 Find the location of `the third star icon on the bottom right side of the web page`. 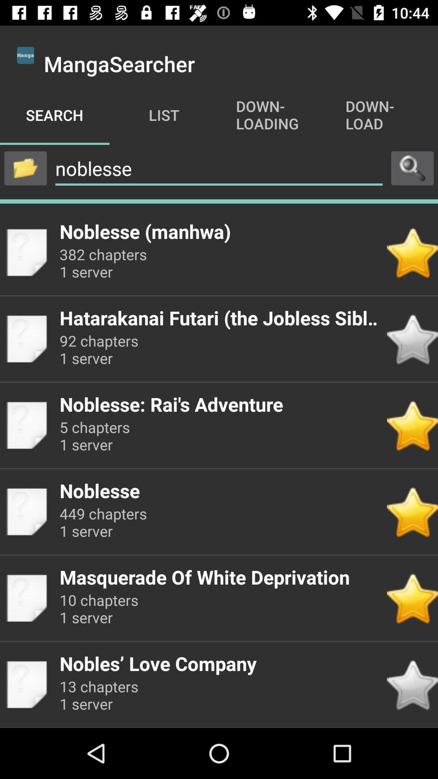

the third star icon on the bottom right side of the web page is located at coordinates (412, 512).